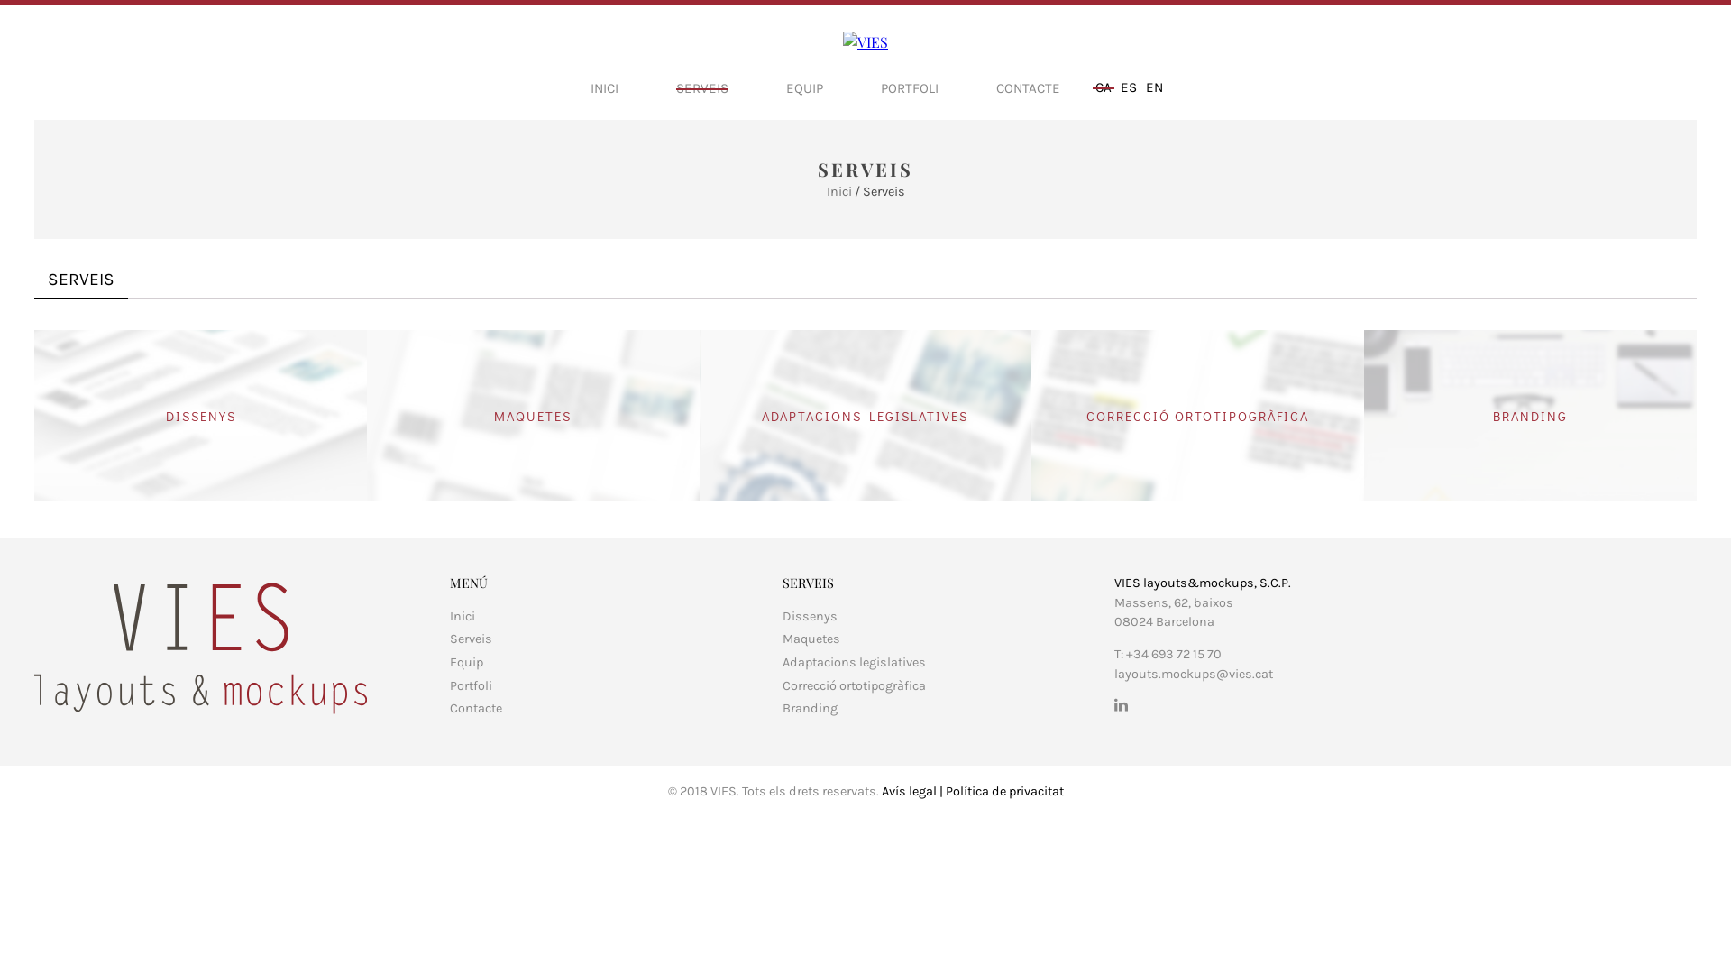 The width and height of the screenshot is (1731, 974). Describe the element at coordinates (1194, 674) in the screenshot. I see `'layouts.mockups@vies.cat'` at that location.